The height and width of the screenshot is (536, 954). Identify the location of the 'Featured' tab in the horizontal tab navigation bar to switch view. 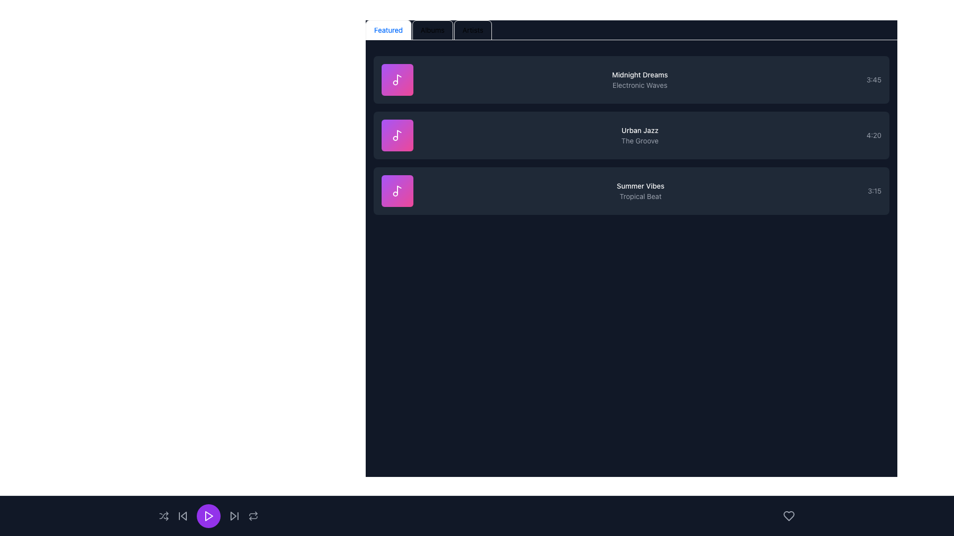
(631, 30).